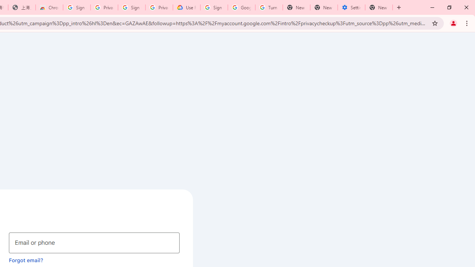 The image size is (475, 267). What do you see at coordinates (242, 7) in the screenshot?
I see `'Google Account Help'` at bounding box center [242, 7].